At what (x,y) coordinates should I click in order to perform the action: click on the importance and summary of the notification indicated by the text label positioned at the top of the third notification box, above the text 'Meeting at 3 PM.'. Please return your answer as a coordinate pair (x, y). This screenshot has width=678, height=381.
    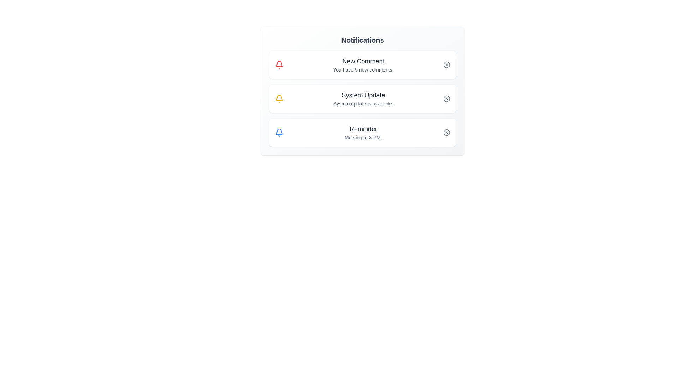
    Looking at the image, I should click on (363, 129).